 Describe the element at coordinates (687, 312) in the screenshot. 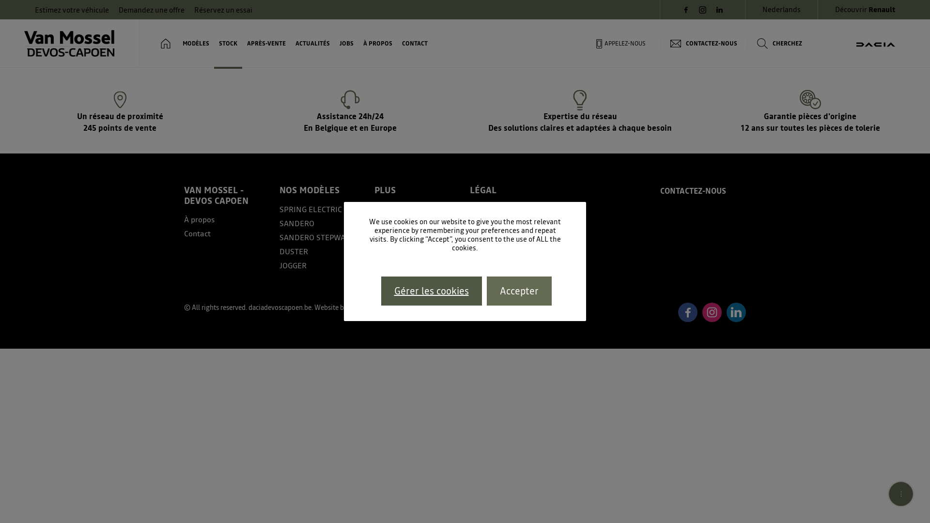

I see `'Facebook'` at that location.